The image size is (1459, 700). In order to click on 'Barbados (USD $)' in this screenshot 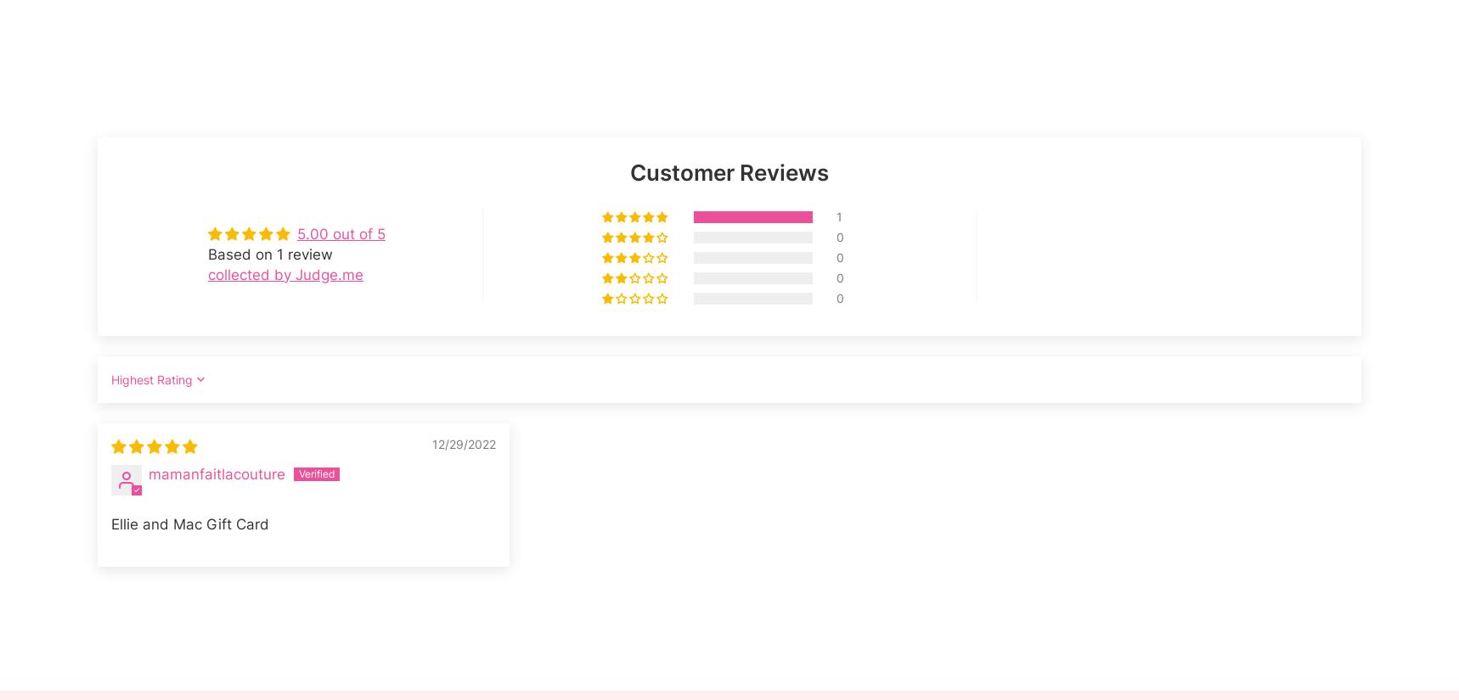, I will do `click(151, 491)`.